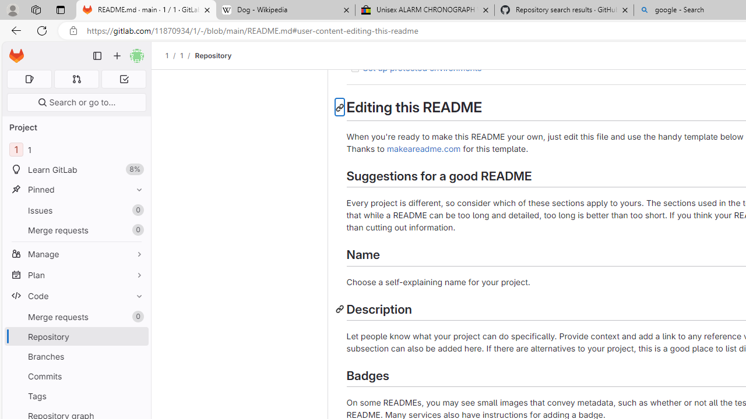 This screenshot has width=746, height=419. I want to click on 'Assigned issues 0', so click(29, 79).